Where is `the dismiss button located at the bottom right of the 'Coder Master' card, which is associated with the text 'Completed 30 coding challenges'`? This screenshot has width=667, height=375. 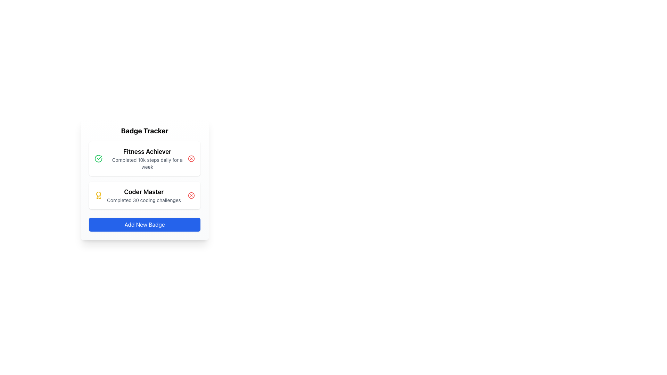
the dismiss button located at the bottom right of the 'Coder Master' card, which is associated with the text 'Completed 30 coding challenges' is located at coordinates (191, 195).